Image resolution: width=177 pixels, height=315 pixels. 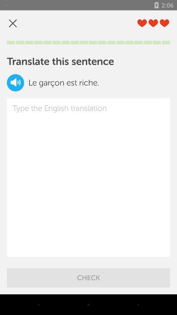 I want to click on icon next to the le, so click(x=15, y=82).